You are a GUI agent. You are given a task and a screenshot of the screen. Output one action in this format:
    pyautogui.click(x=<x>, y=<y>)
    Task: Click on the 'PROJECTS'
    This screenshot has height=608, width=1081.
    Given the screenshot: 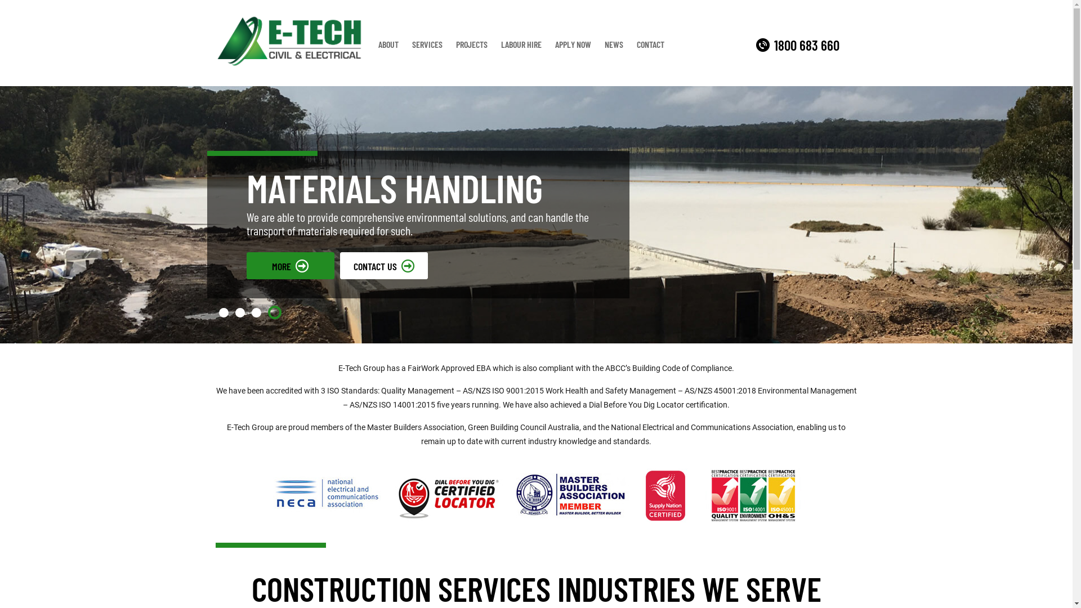 What is the action you would take?
    pyautogui.click(x=448, y=43)
    